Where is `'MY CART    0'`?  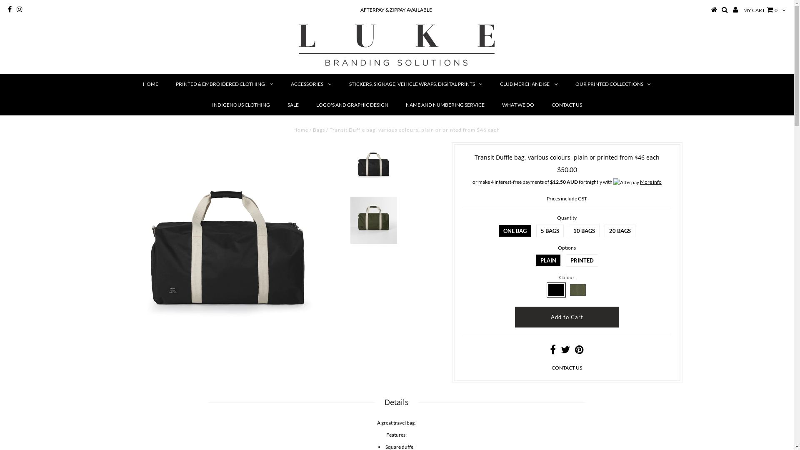
'MY CART    0' is located at coordinates (760, 10).